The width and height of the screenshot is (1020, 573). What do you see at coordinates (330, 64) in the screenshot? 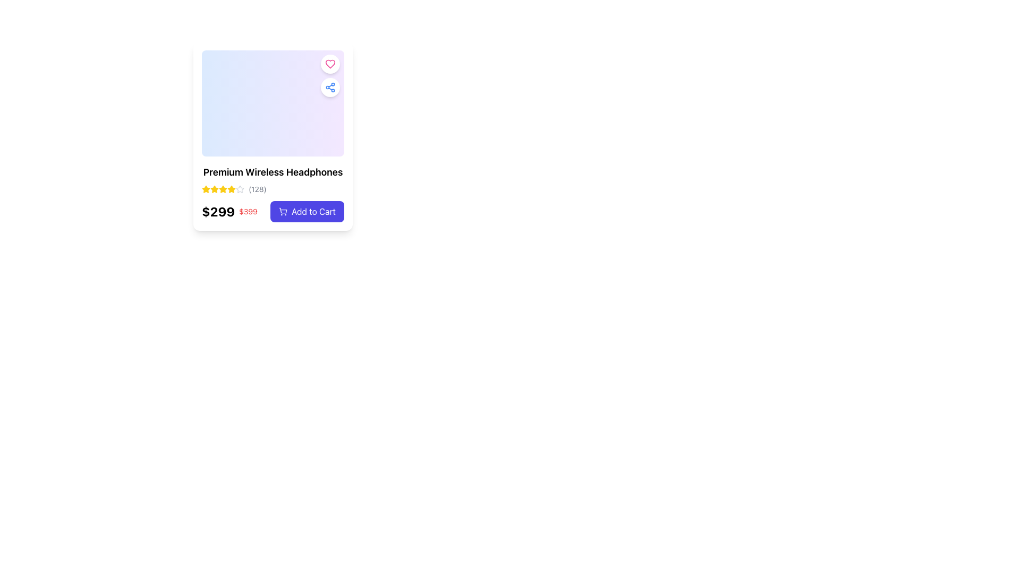
I see `the heart-shaped icon filled with pink color at the top-right corner of the product card interface to favorite the item` at bounding box center [330, 64].